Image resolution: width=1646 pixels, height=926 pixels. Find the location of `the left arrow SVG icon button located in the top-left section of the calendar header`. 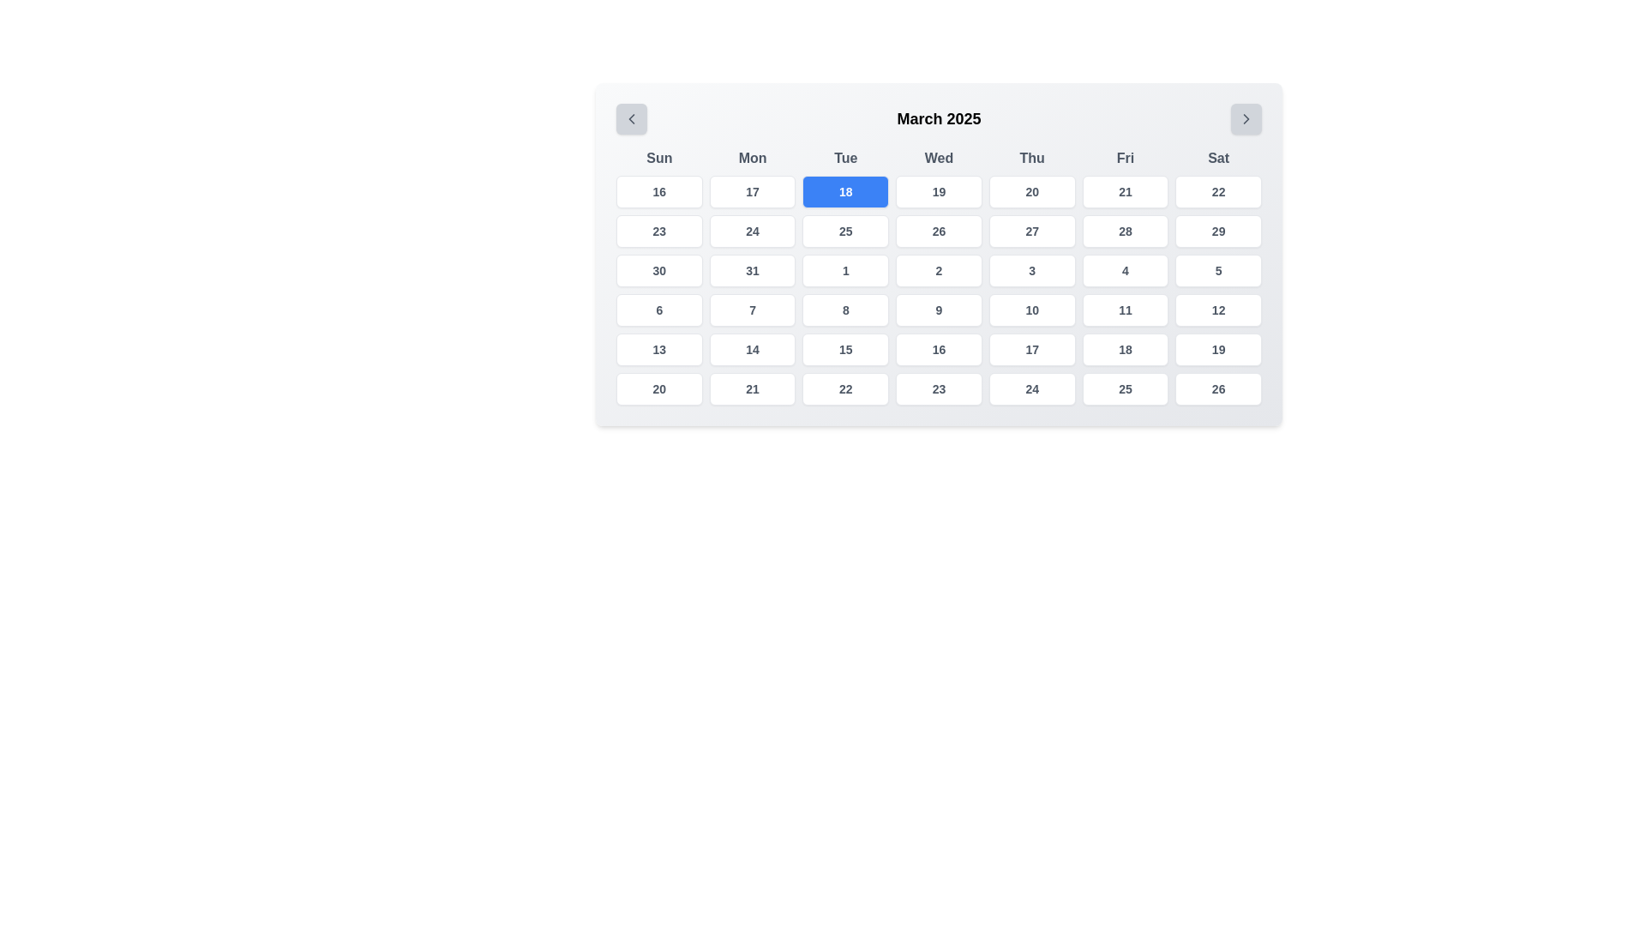

the left arrow SVG icon button located in the top-left section of the calendar header is located at coordinates (631, 117).